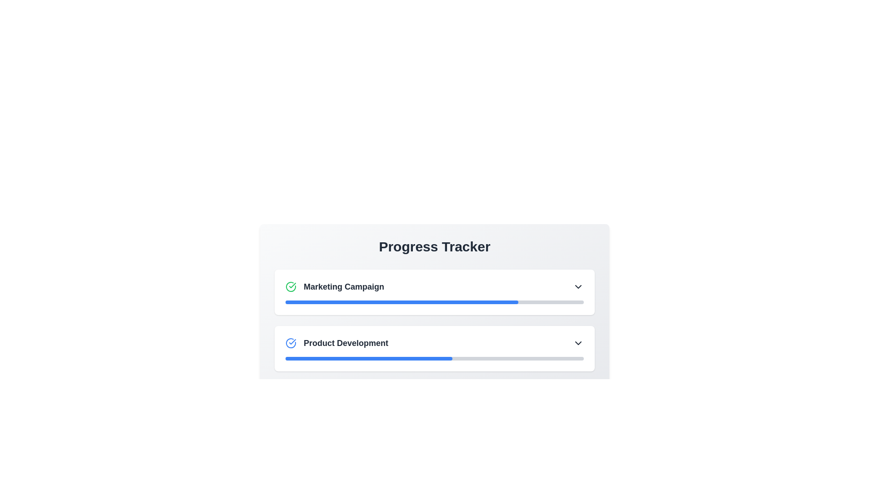 The width and height of the screenshot is (873, 491). Describe the element at coordinates (334, 287) in the screenshot. I see `the 'Marketing Campaign' label which is styled in a bold font and has a green checkmark icon to its left` at that location.